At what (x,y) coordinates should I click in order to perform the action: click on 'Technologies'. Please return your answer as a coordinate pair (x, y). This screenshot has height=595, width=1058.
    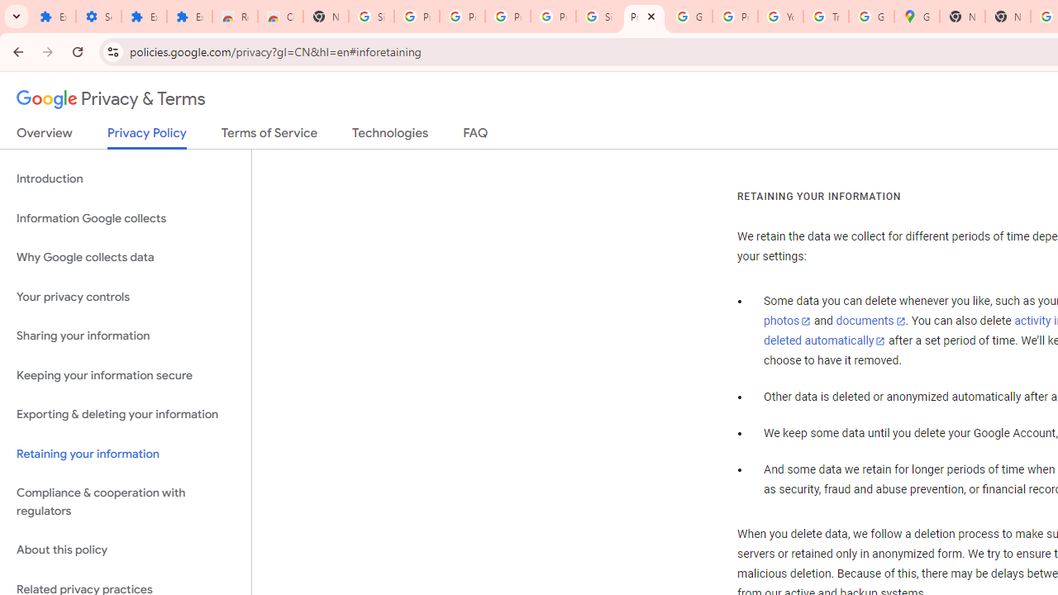
    Looking at the image, I should click on (389, 136).